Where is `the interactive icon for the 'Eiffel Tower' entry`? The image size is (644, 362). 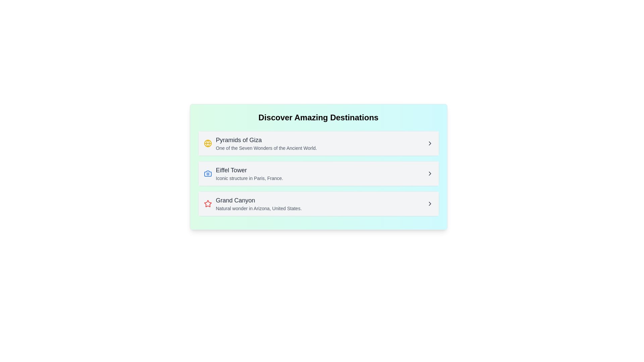
the interactive icon for the 'Eiffel Tower' entry is located at coordinates (430, 173).